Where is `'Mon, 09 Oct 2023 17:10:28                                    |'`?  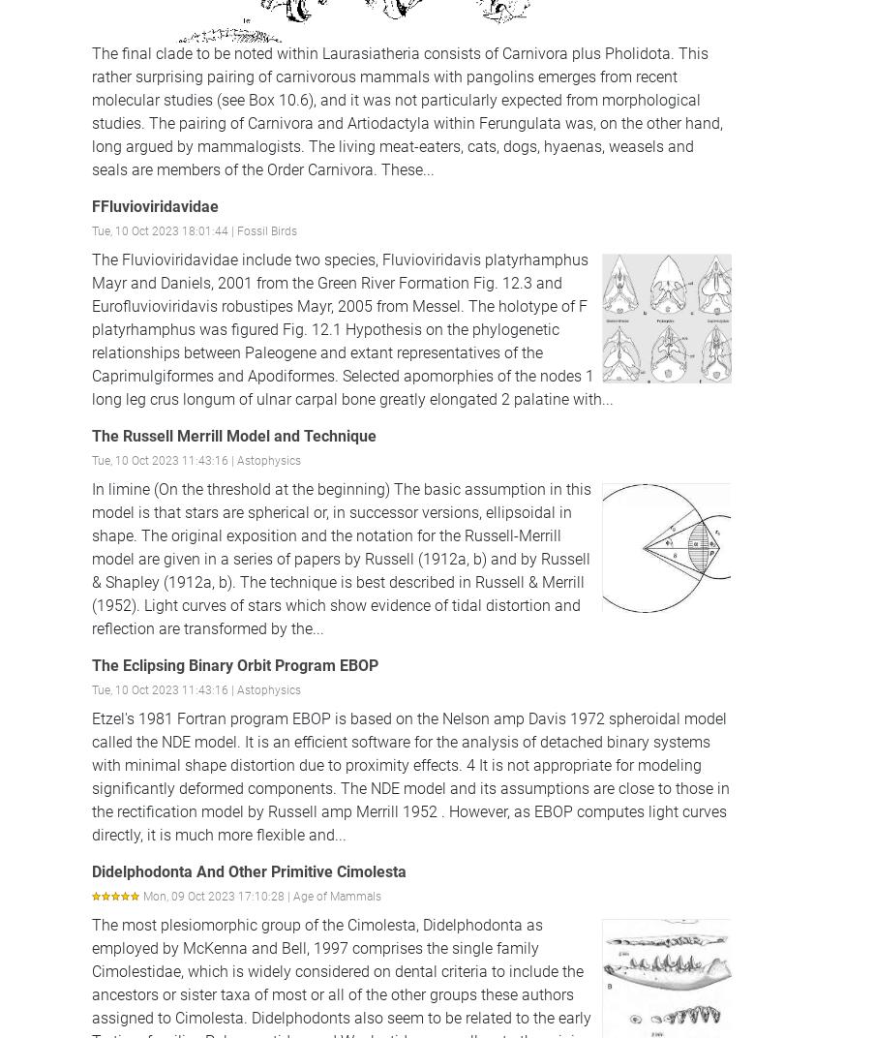 'Mon, 09 Oct 2023 17:10:28                                    |' is located at coordinates (218, 896).